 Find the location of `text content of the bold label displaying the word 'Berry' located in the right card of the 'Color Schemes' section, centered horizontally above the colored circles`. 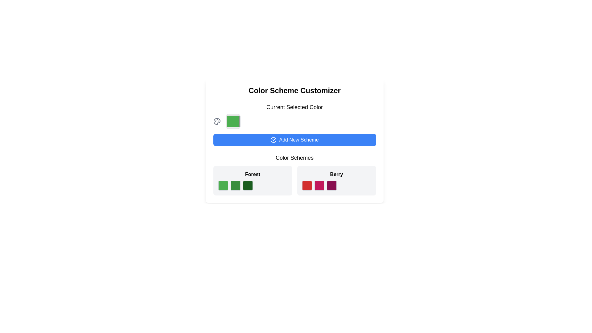

text content of the bold label displaying the word 'Berry' located in the right card of the 'Color Schemes' section, centered horizontally above the colored circles is located at coordinates (336, 175).